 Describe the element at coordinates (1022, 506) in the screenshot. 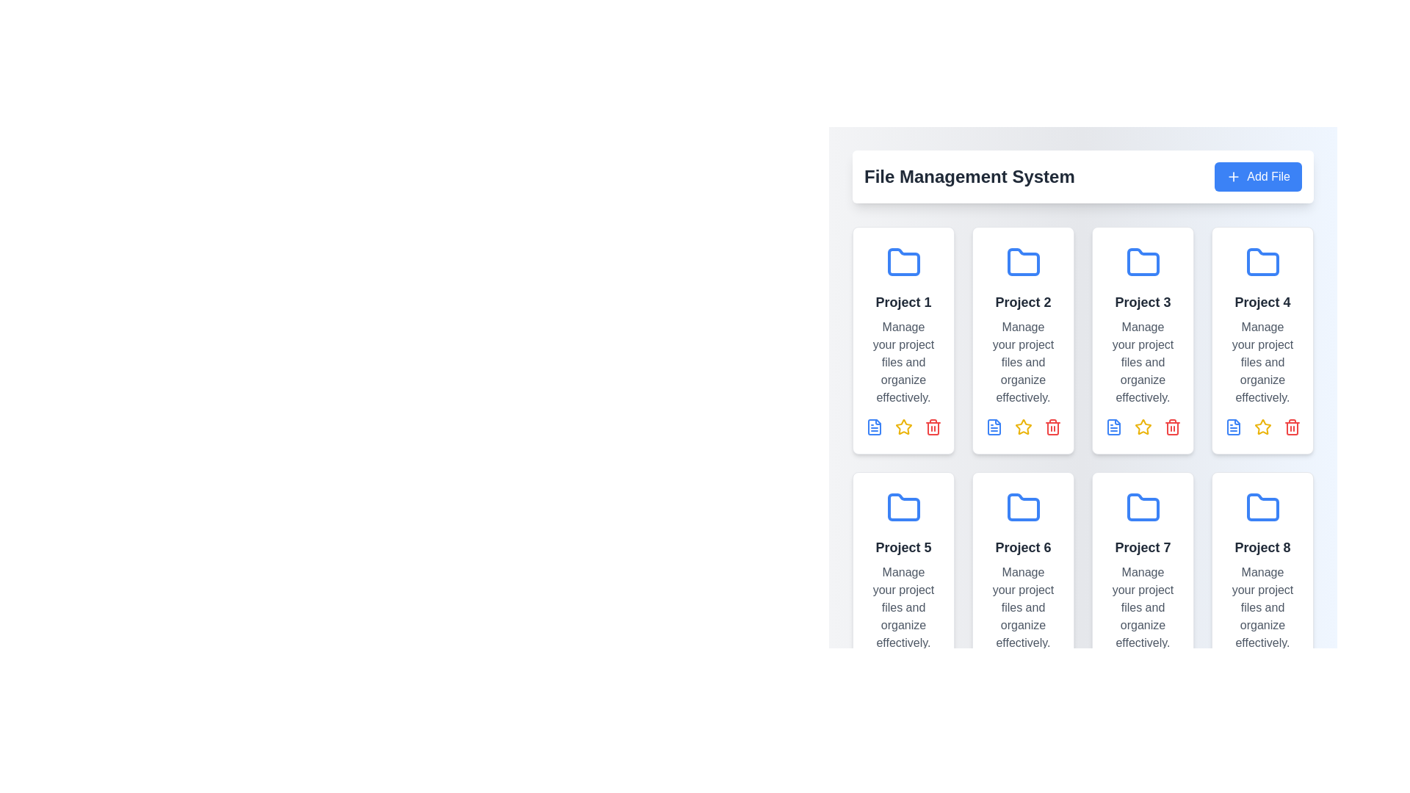

I see `the folder icon representing 'Project 6' located in the second row of the grid layout, centered in the header portion of the card` at that location.